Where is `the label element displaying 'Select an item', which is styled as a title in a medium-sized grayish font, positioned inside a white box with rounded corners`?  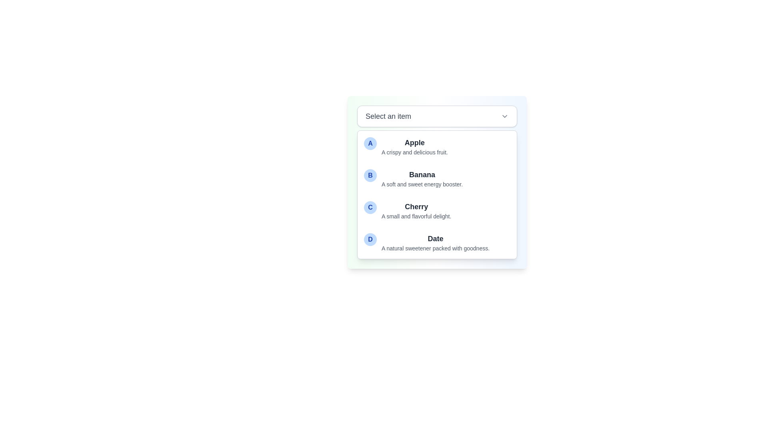 the label element displaying 'Select an item', which is styled as a title in a medium-sized grayish font, positioned inside a white box with rounded corners is located at coordinates (388, 116).